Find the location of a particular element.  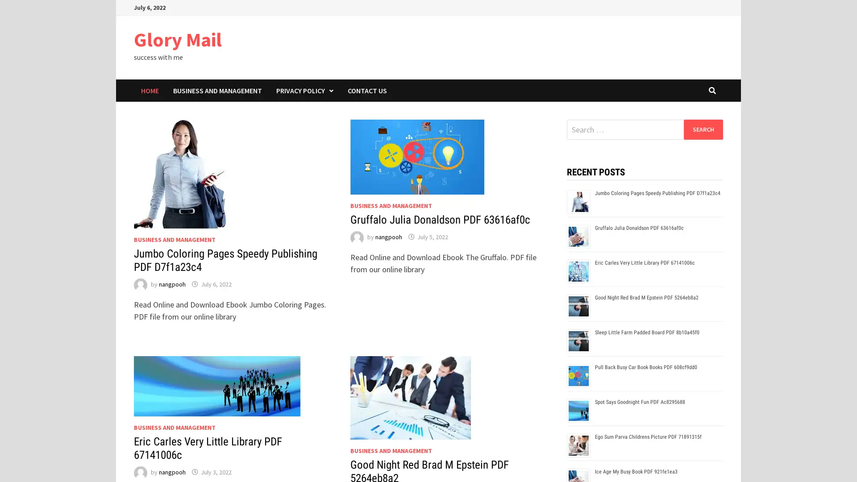

Search is located at coordinates (703, 129).